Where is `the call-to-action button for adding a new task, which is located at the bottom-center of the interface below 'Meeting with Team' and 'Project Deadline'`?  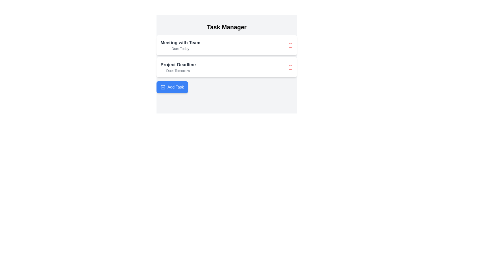 the call-to-action button for adding a new task, which is located at the bottom-center of the interface below 'Meeting with Team' and 'Project Deadline' is located at coordinates (172, 87).